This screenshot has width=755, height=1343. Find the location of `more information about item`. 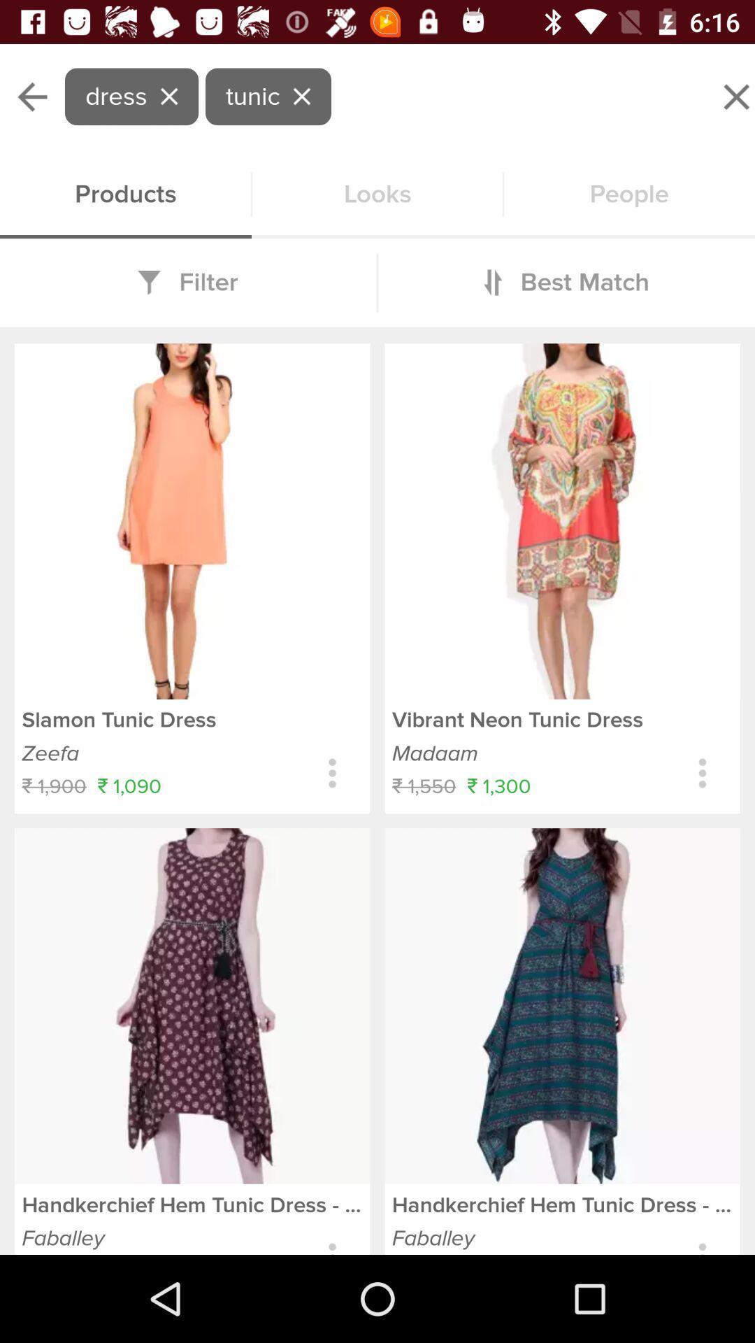

more information about item is located at coordinates (703, 772).